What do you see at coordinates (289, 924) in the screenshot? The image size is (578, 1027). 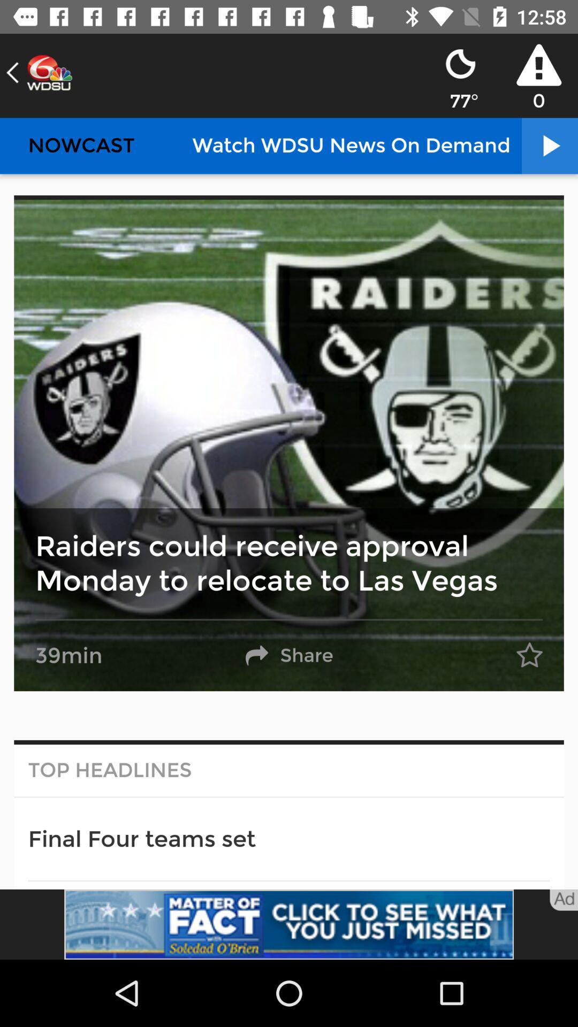 I see `advertisement for matter of fact` at bounding box center [289, 924].